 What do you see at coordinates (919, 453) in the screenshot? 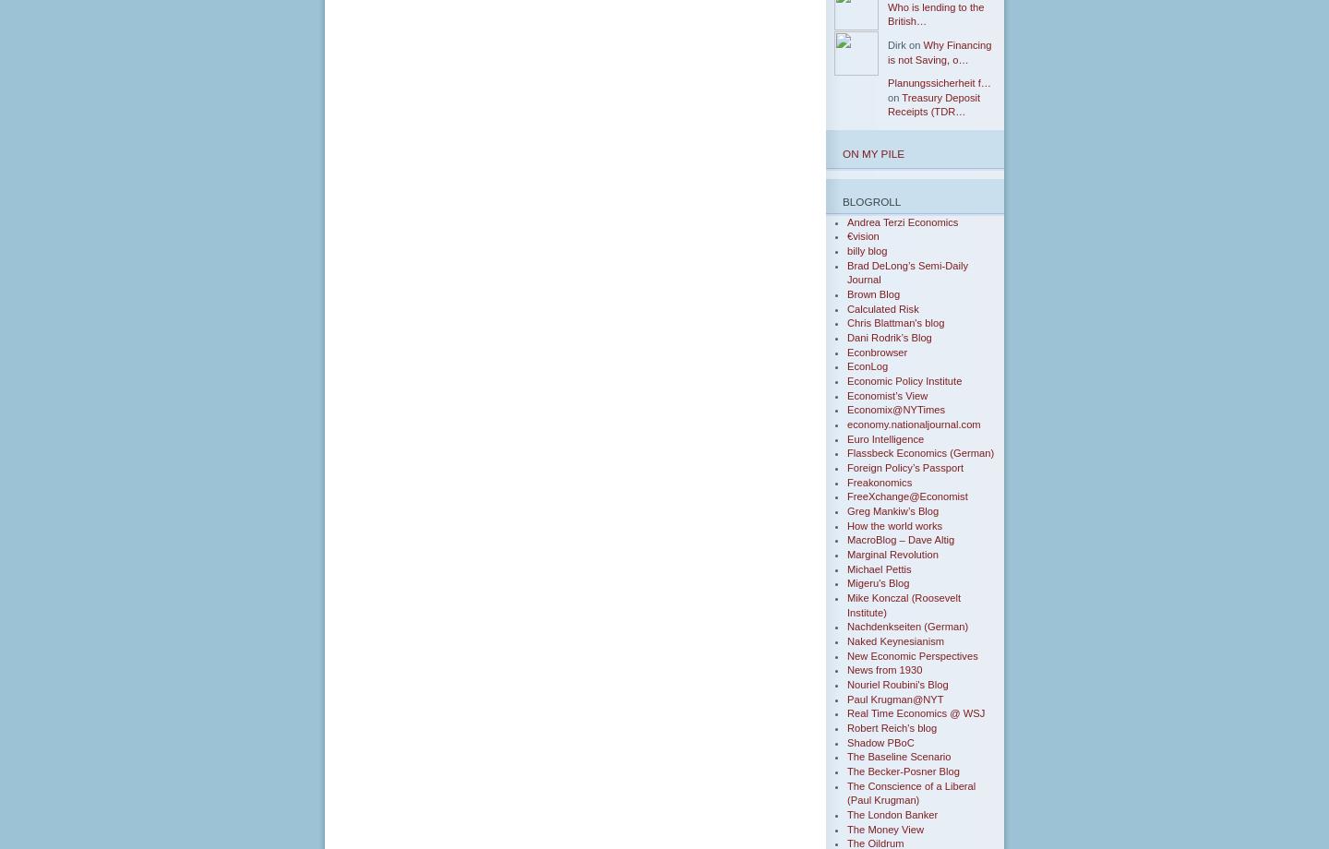
I see `'Flassbeck Economics (German)'` at bounding box center [919, 453].